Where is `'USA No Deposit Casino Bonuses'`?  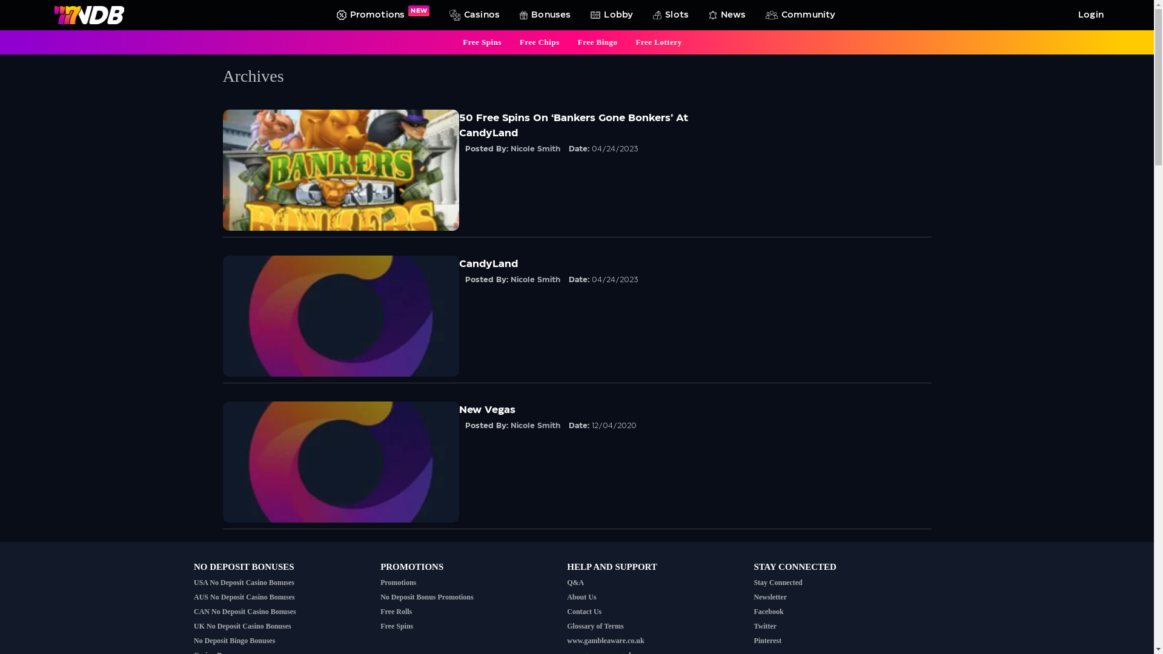
'USA No Deposit Casino Bonuses' is located at coordinates (244, 581).